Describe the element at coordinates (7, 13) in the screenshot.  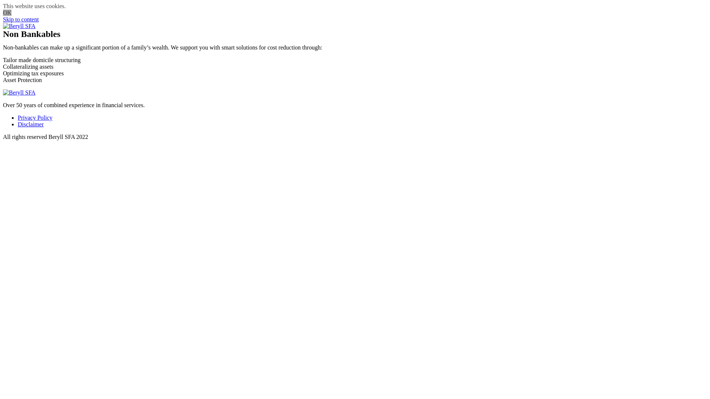
I see `'OK'` at that location.